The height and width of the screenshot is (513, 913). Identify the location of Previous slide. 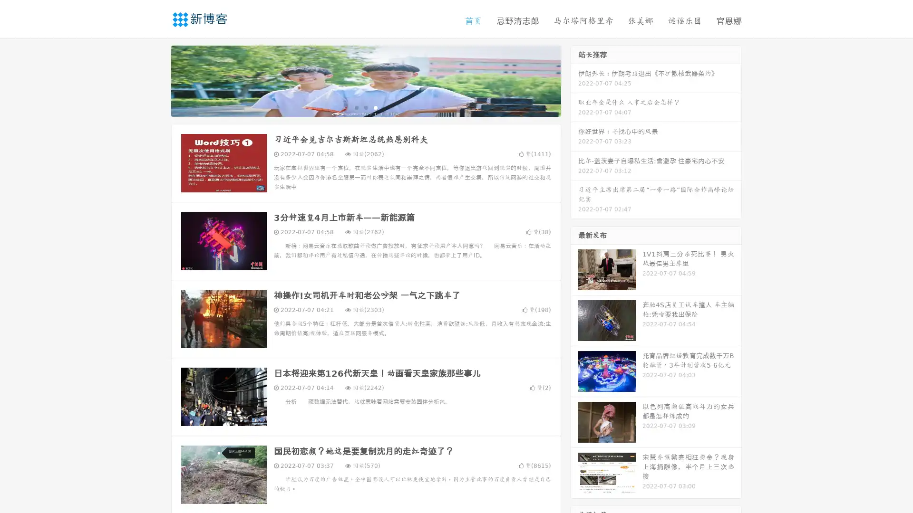
(157, 80).